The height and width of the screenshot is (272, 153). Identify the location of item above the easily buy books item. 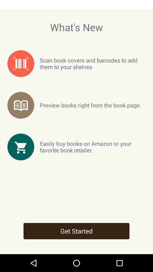
(90, 105).